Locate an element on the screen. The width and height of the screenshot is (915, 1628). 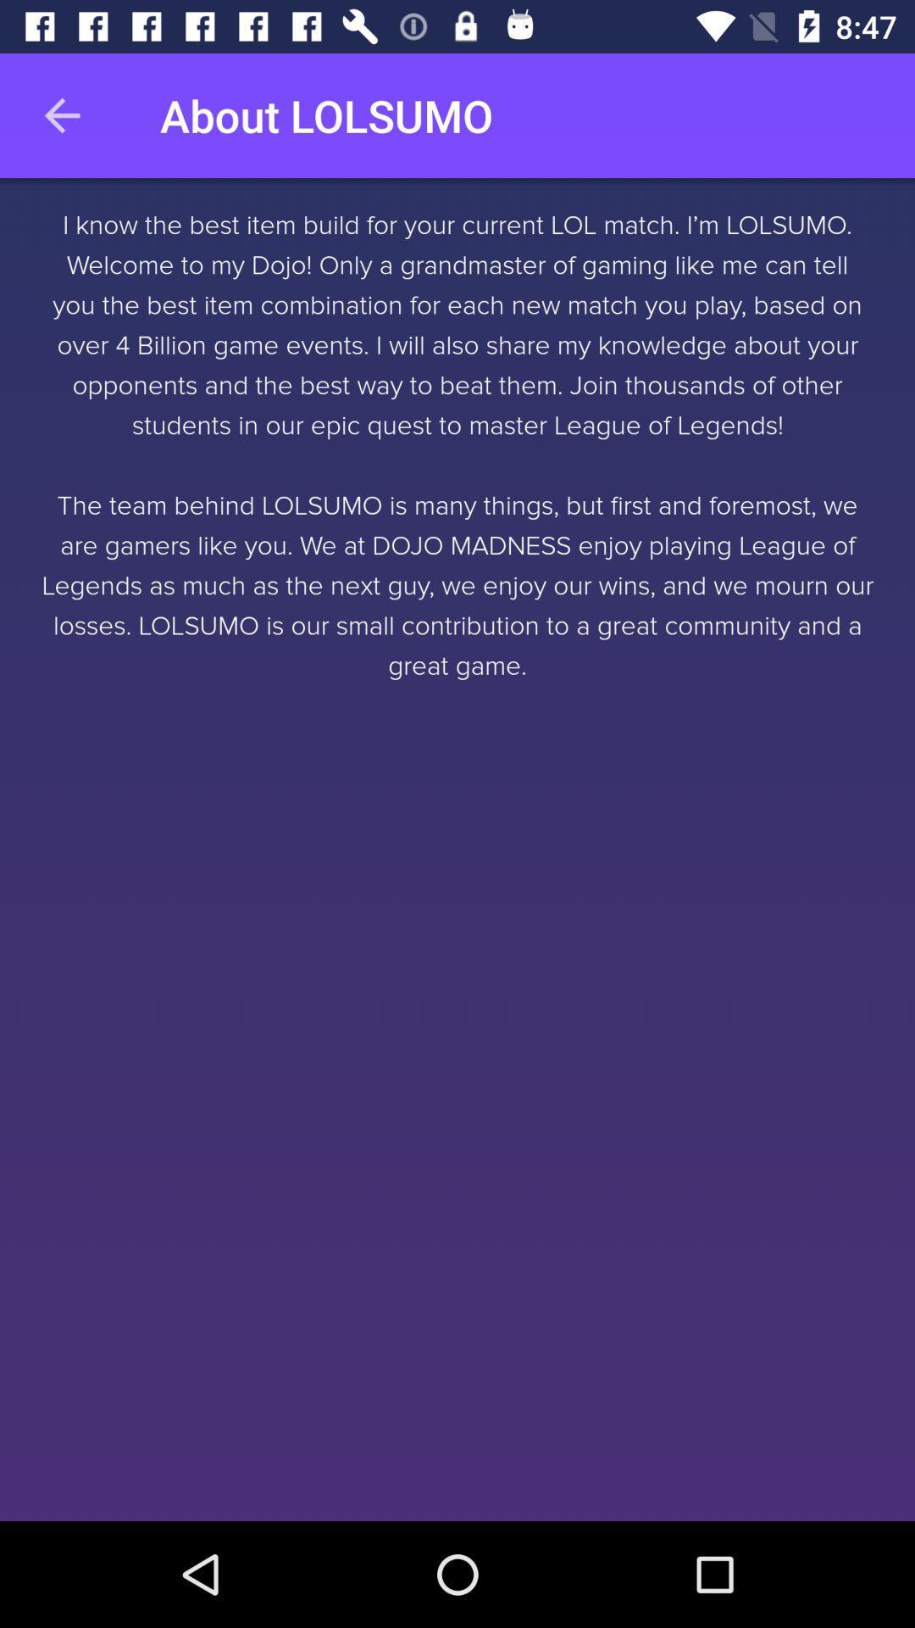
the item to the left of the about lolsumo item is located at coordinates (61, 114).